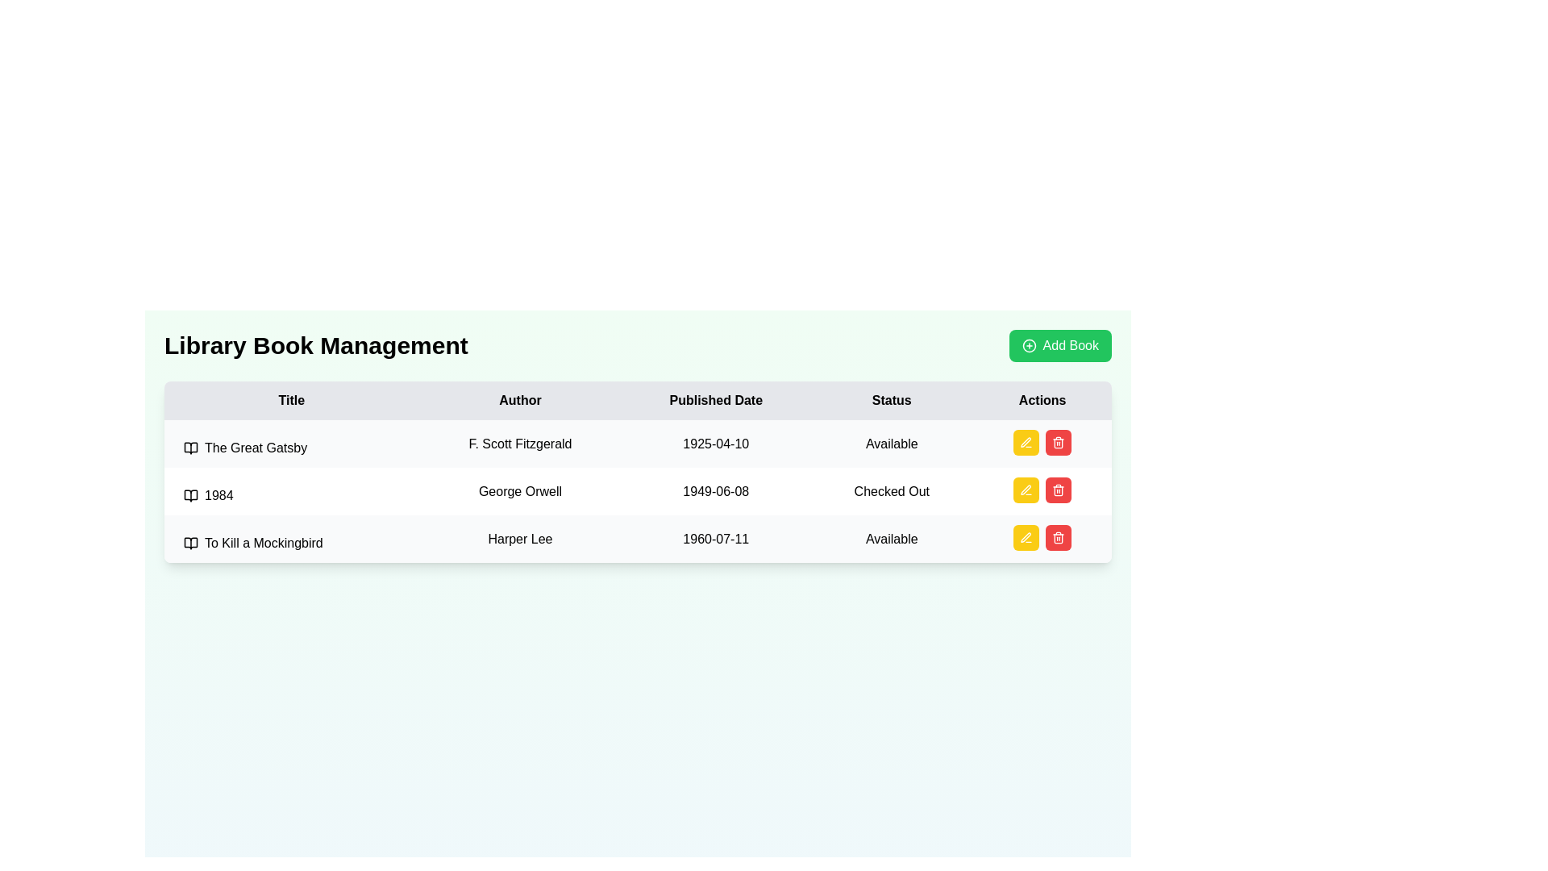 The width and height of the screenshot is (1548, 871). I want to click on the open book icon located in the first row of the table under the 'Title' column, positioned to the left of the text 'The Great Gatsby', so click(190, 448).